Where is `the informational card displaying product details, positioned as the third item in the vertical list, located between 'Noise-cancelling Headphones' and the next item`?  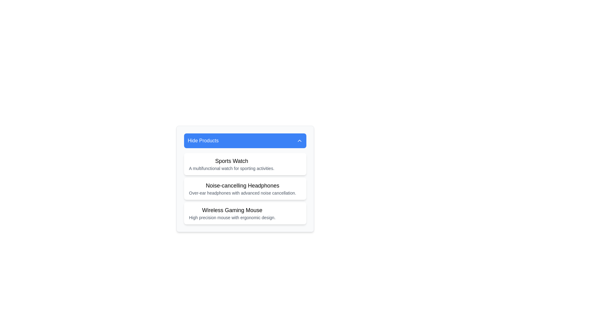 the informational card displaying product details, positioned as the third item in the vertical list, located between 'Noise-cancelling Headphones' and the next item is located at coordinates (232, 213).